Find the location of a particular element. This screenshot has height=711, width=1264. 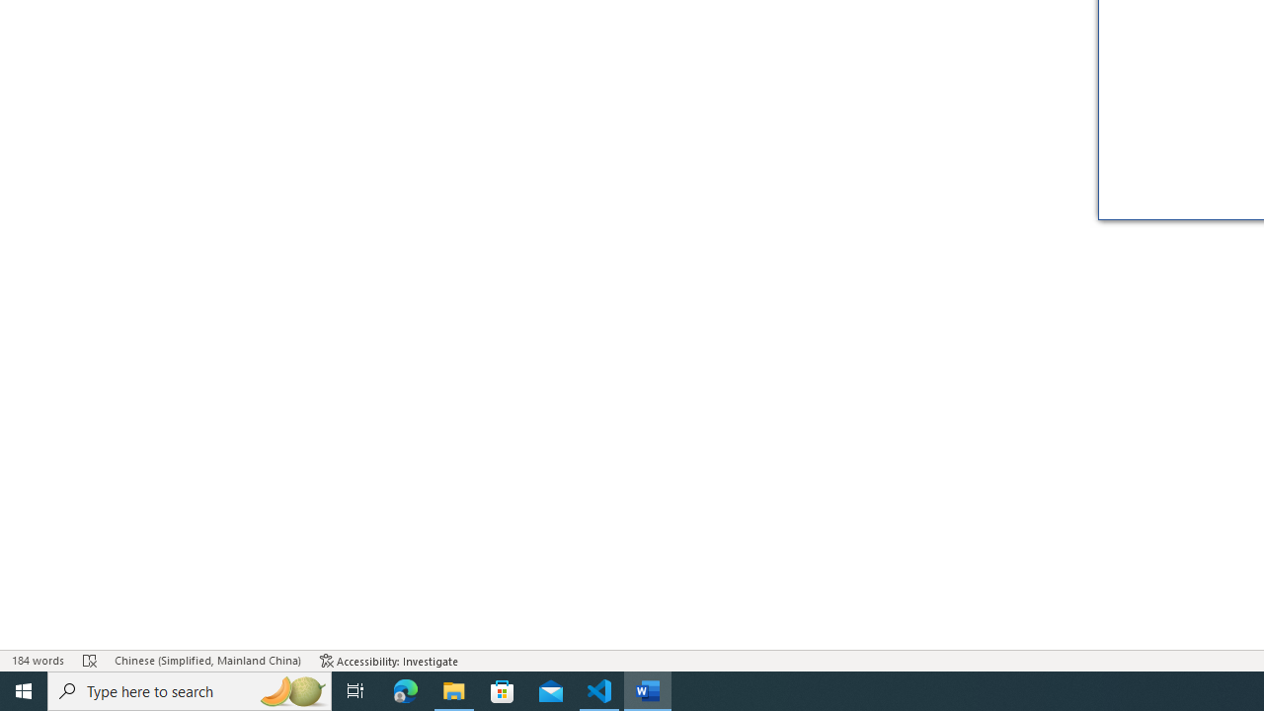

'Start' is located at coordinates (24, 689).